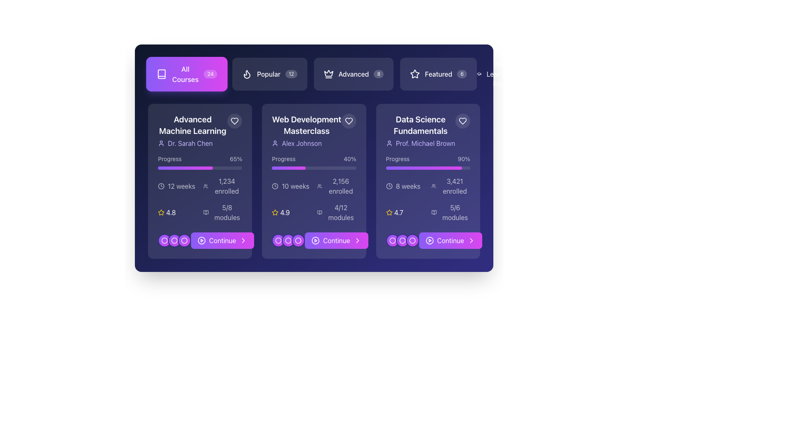 This screenshot has width=792, height=445. Describe the element at coordinates (275, 143) in the screenshot. I see `the decorative profile icon associated with the user 'Alex Johnson', located in the second card from the left of a three-column card layout` at that location.